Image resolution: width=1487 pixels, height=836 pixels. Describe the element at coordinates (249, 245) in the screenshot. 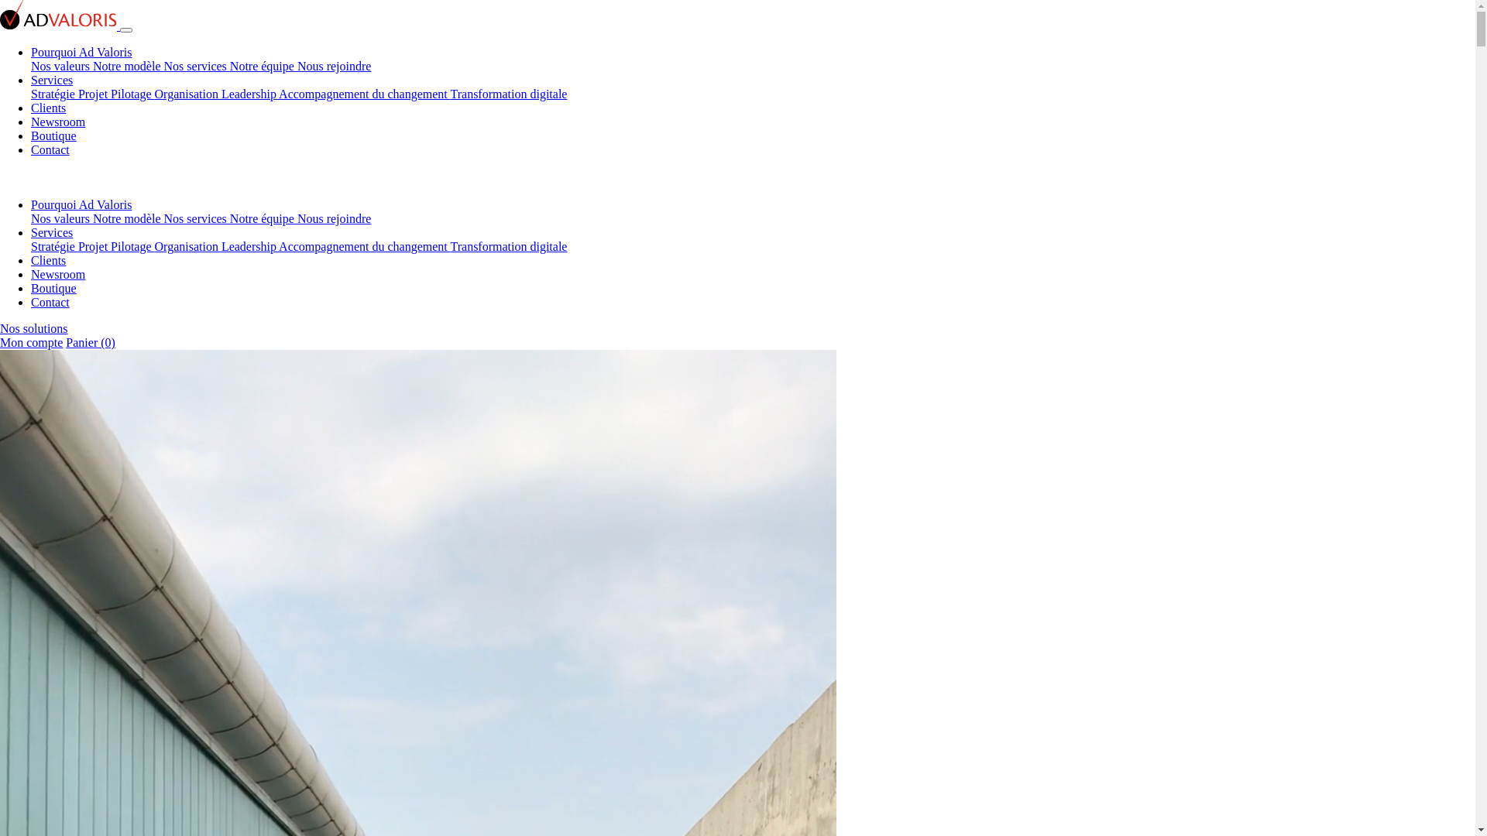

I see `'Leadership'` at that location.